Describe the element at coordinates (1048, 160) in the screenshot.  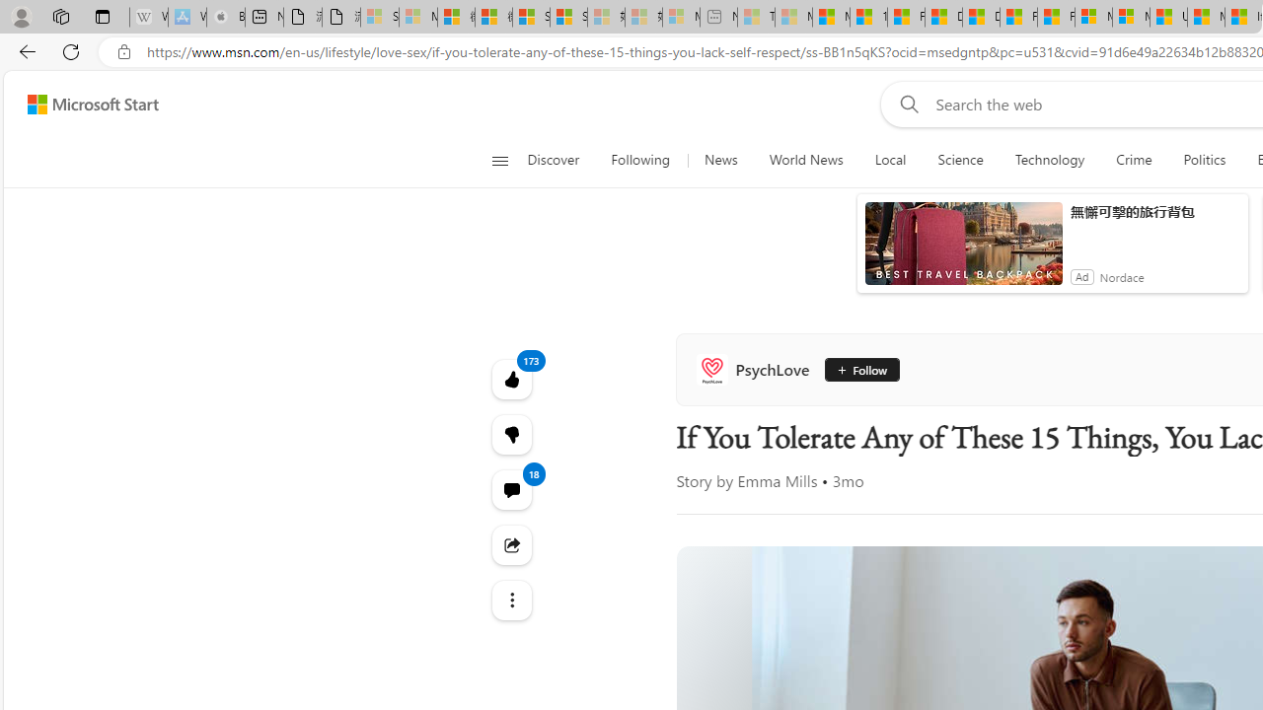
I see `'Technology'` at that location.